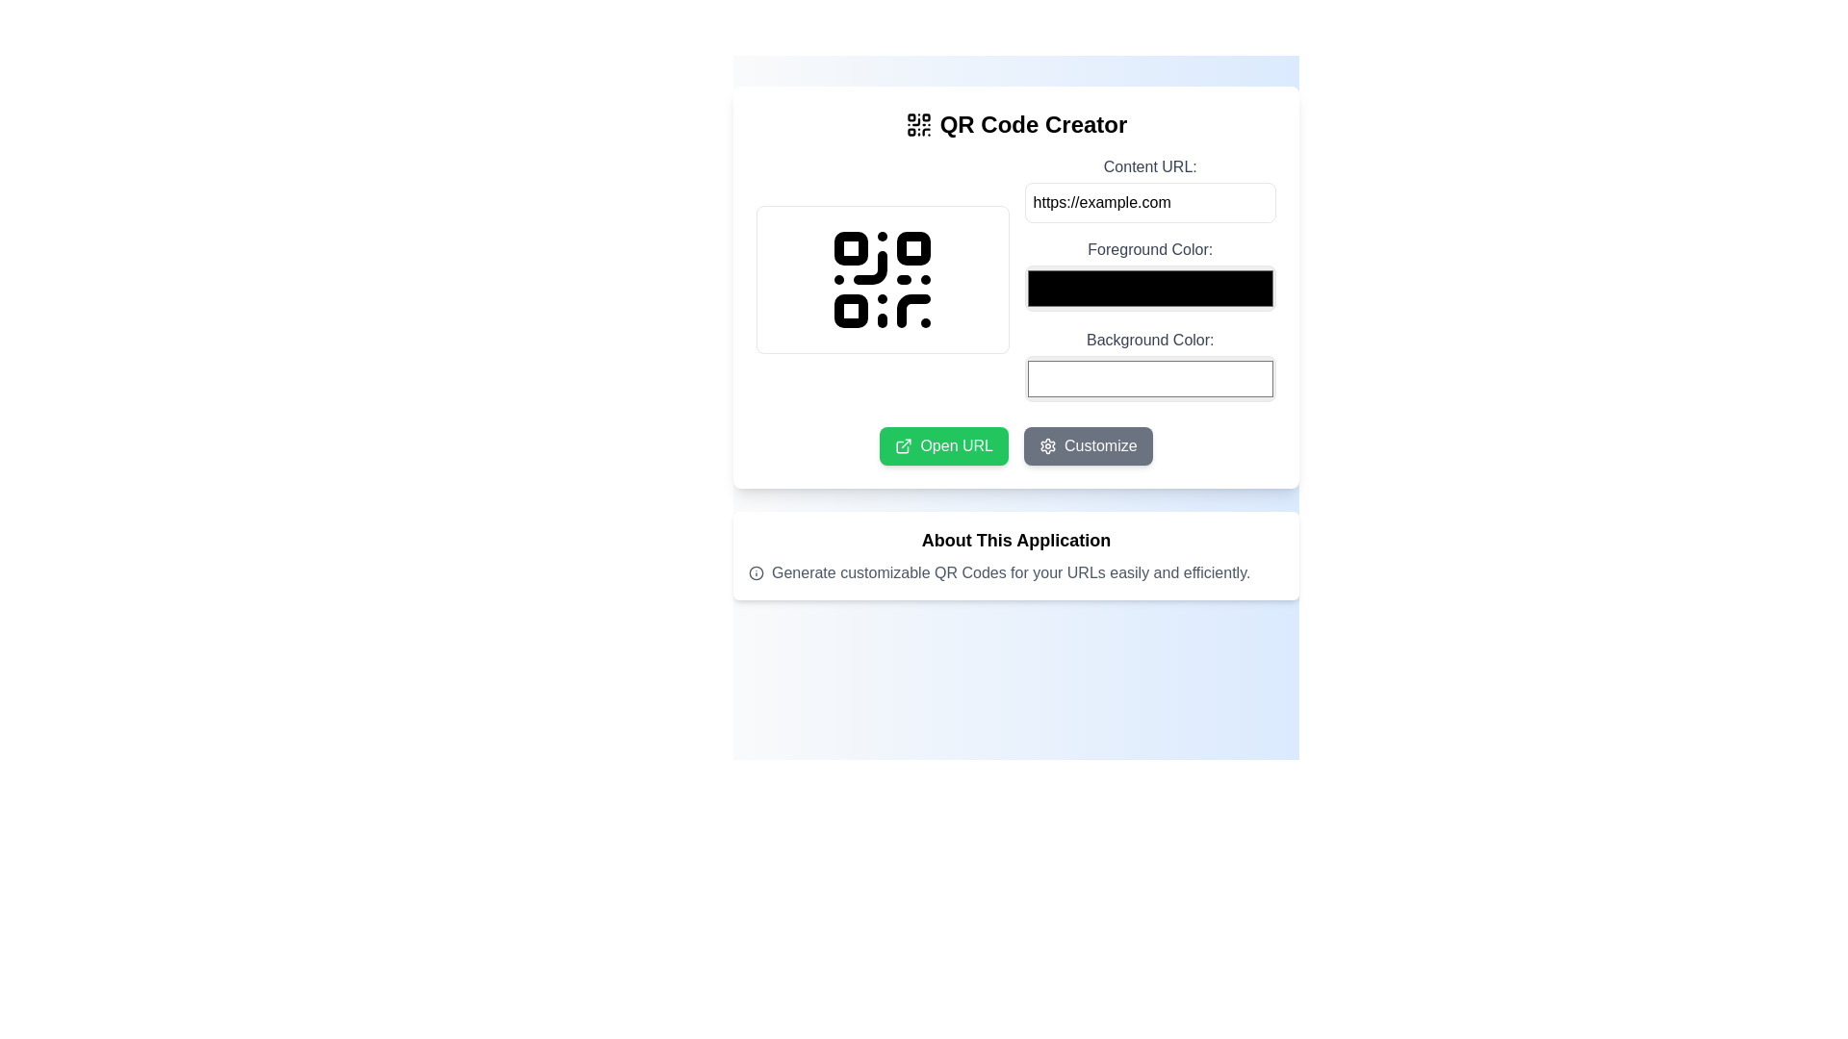 The height and width of the screenshot is (1039, 1848). What do you see at coordinates (1047, 445) in the screenshot?
I see `the 'Customize' icon located to the left of the 'Customize' button, which symbolizes the customization feature` at bounding box center [1047, 445].